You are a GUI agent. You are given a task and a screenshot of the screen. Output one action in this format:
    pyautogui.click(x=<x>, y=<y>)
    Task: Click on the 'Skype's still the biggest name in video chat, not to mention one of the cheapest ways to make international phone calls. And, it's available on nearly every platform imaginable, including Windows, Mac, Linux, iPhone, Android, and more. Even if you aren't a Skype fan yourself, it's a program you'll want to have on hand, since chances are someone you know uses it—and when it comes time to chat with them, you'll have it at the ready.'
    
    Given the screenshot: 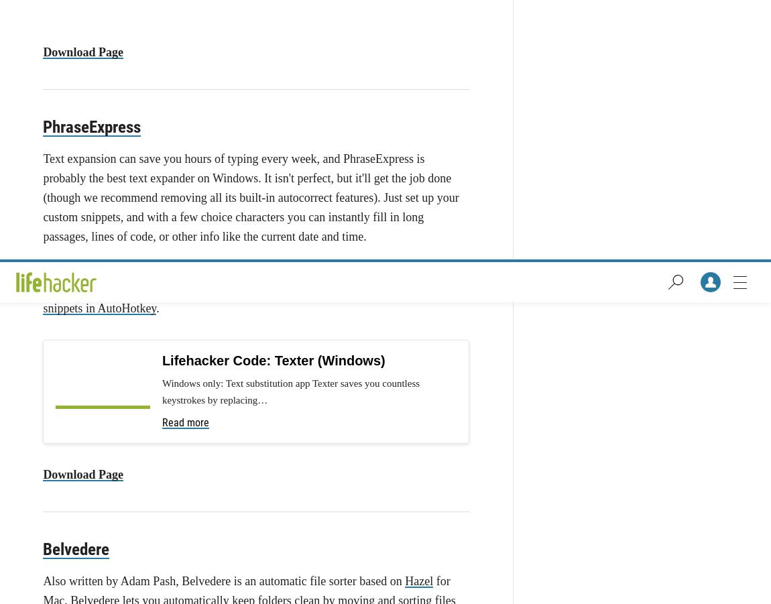 What is the action you would take?
    pyautogui.click(x=255, y=358)
    